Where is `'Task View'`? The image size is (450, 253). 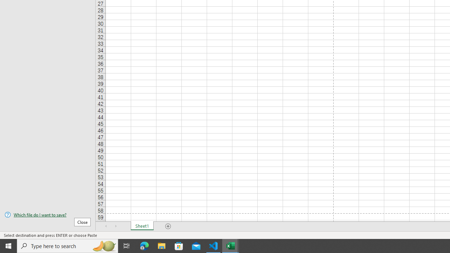
'Task View' is located at coordinates (126, 245).